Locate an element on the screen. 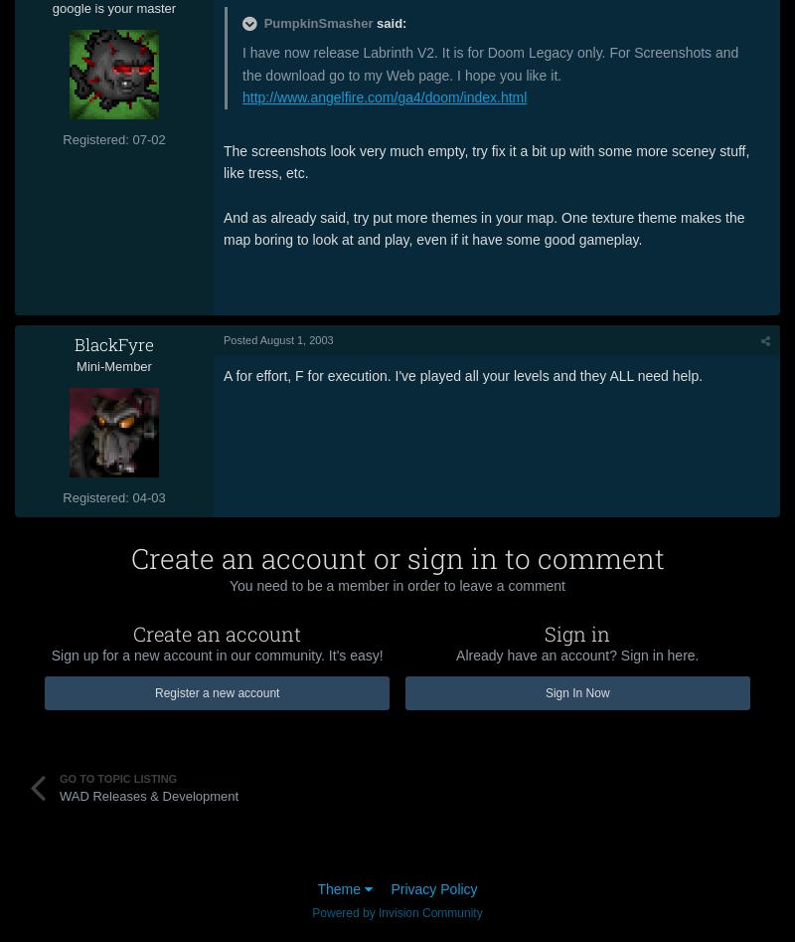  'Theme' is located at coordinates (340, 887).